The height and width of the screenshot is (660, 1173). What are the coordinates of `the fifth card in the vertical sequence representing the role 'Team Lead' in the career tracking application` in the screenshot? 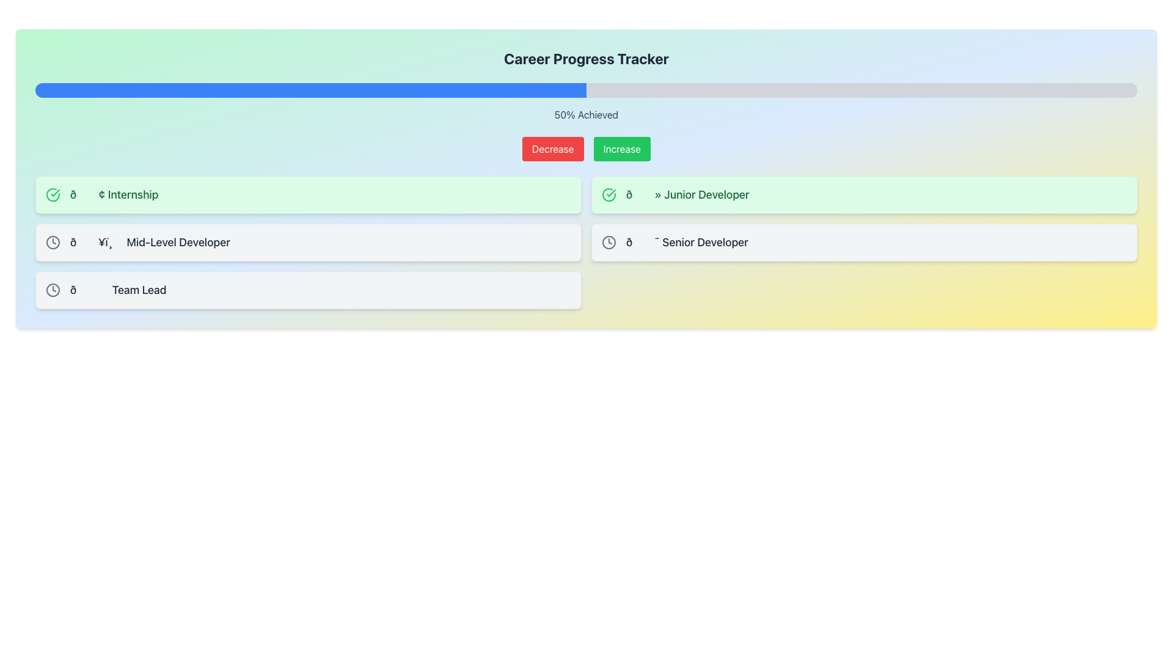 It's located at (308, 290).